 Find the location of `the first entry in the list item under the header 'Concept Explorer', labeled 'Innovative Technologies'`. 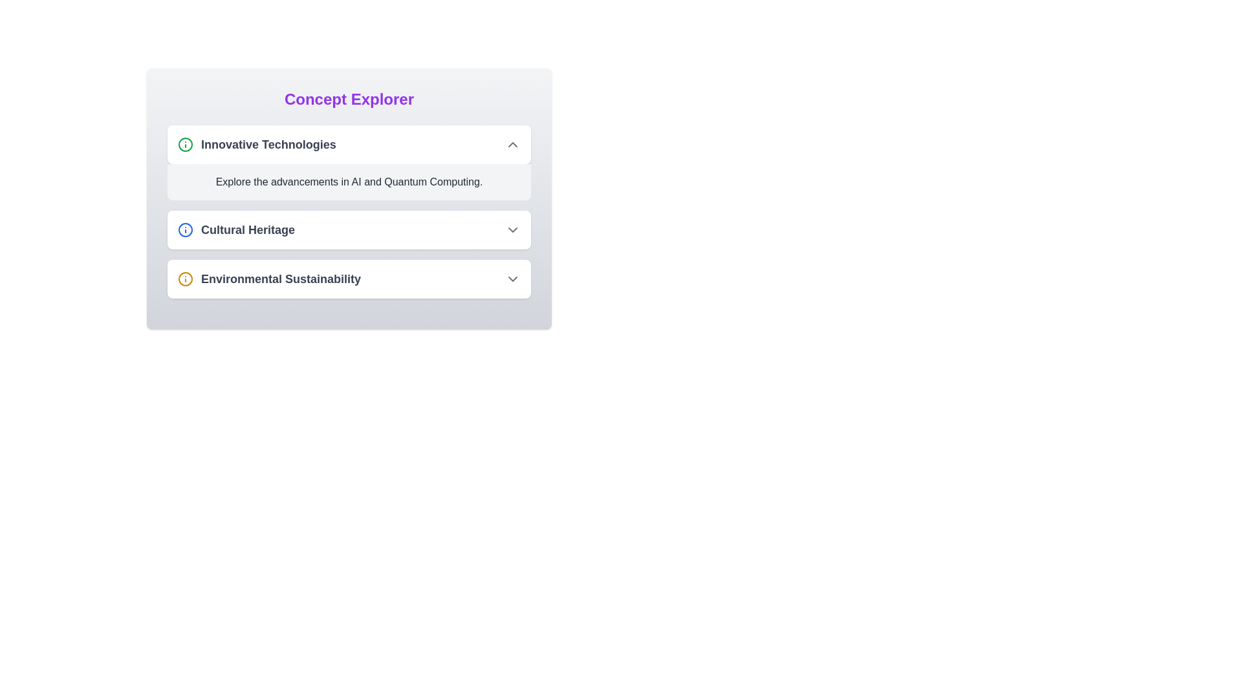

the first entry in the list item under the header 'Concept Explorer', labeled 'Innovative Technologies' is located at coordinates (257, 144).